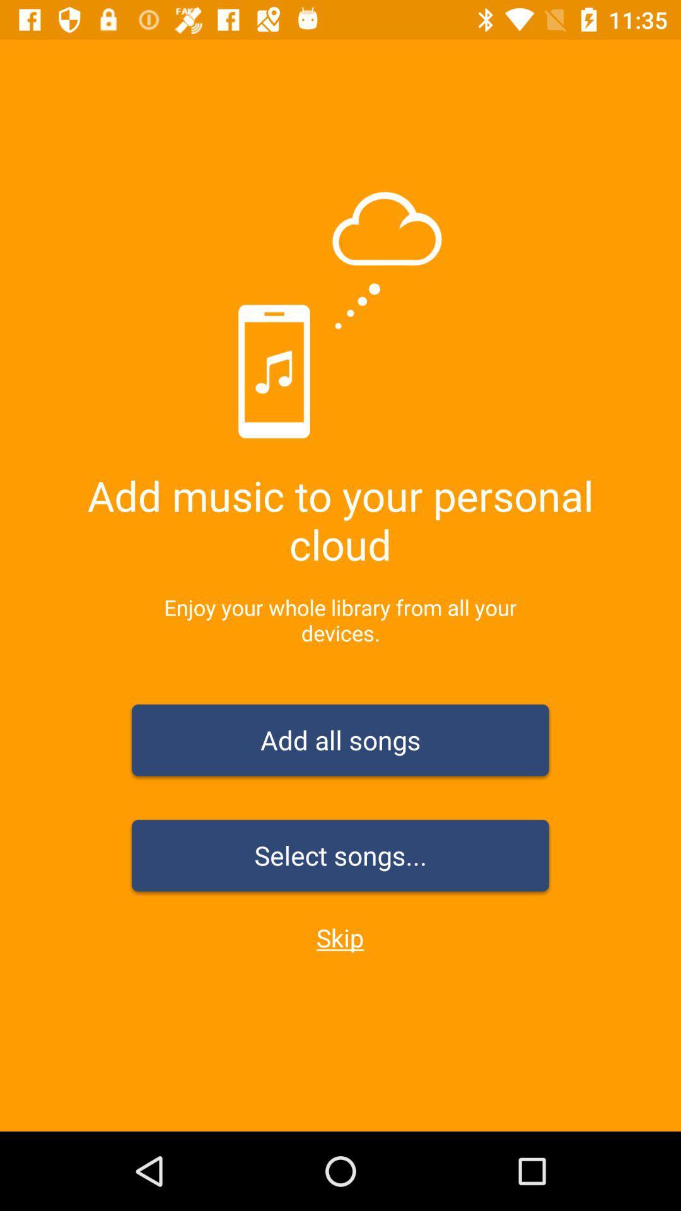 This screenshot has width=681, height=1211. Describe the element at coordinates (340, 858) in the screenshot. I see `the icon below the add all songs icon` at that location.